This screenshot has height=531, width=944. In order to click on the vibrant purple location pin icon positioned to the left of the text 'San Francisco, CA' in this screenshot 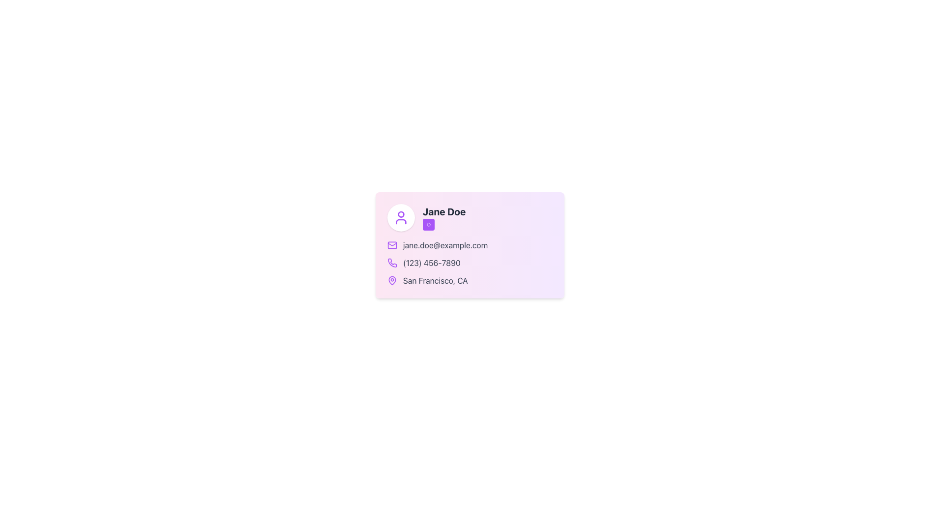, I will do `click(391, 280)`.